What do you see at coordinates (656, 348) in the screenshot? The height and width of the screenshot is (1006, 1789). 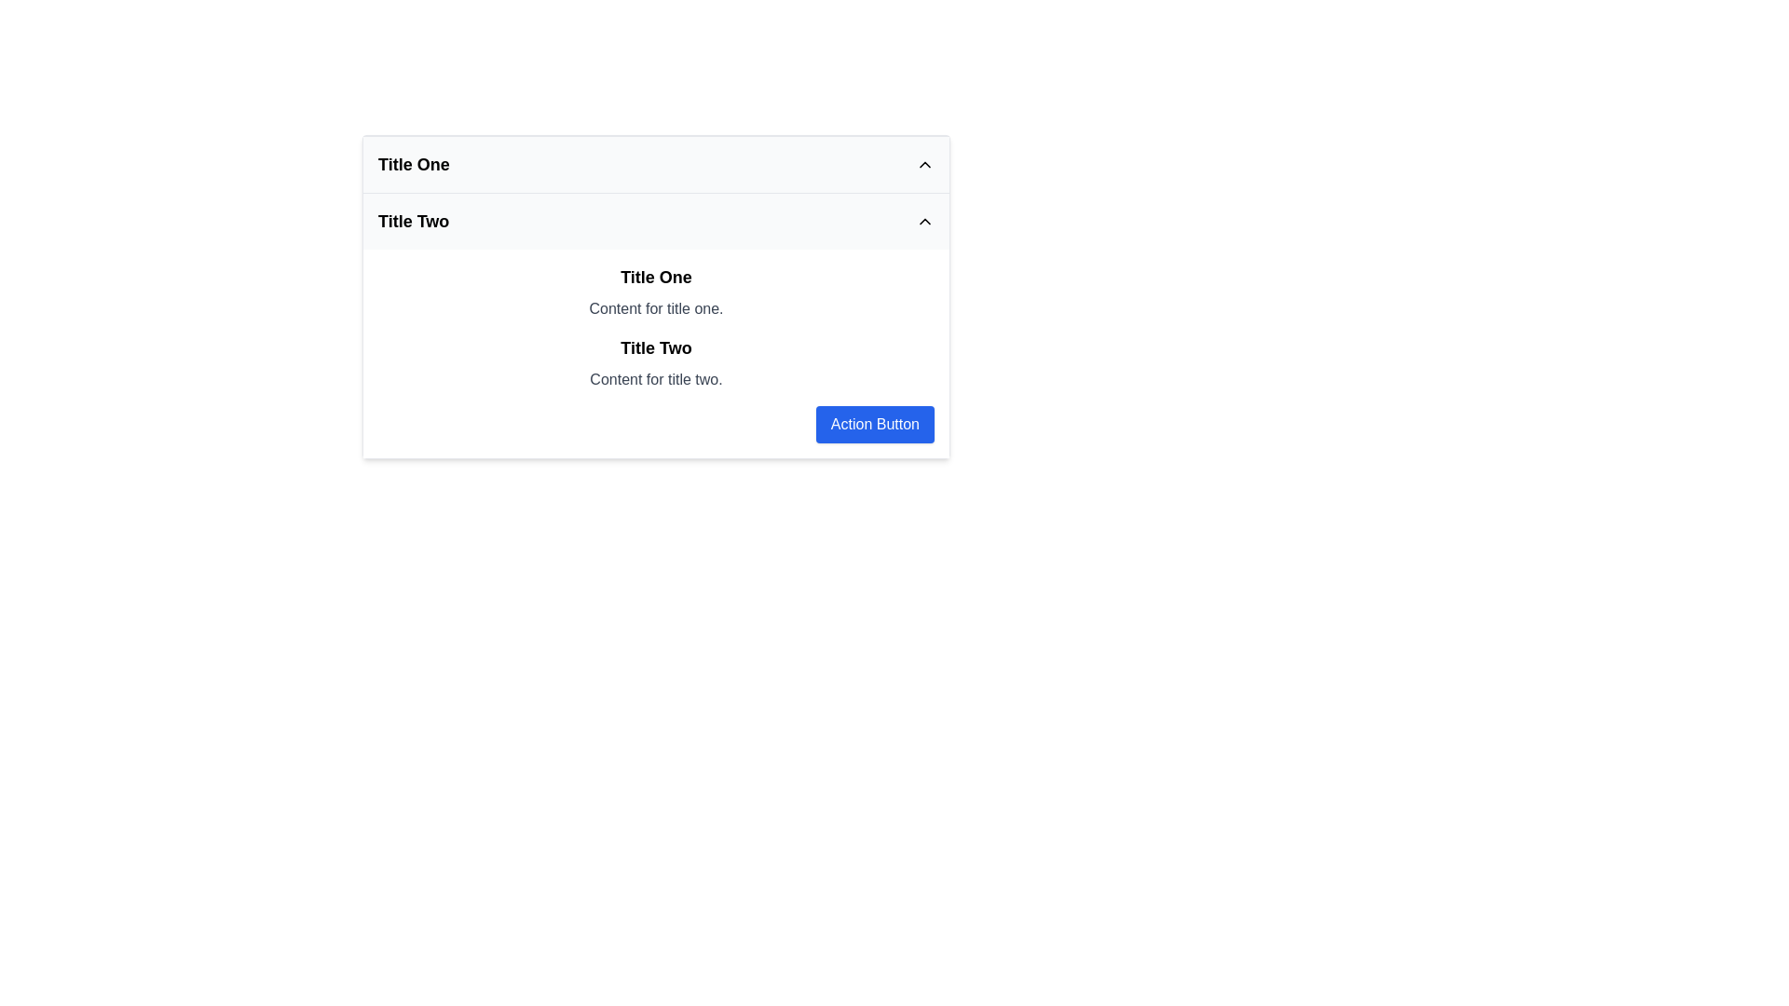 I see `the text element that serves as a header or title for the content section, positioned between 'Title One' and the smaller gray-text description 'Content for title two'` at bounding box center [656, 348].